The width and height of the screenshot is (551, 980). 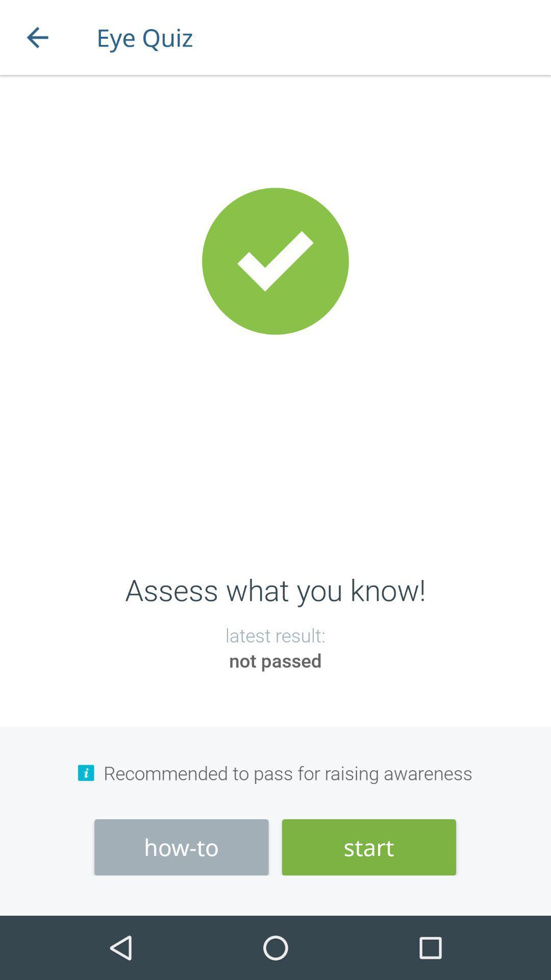 I want to click on the item below the recommended to pass item, so click(x=181, y=847).